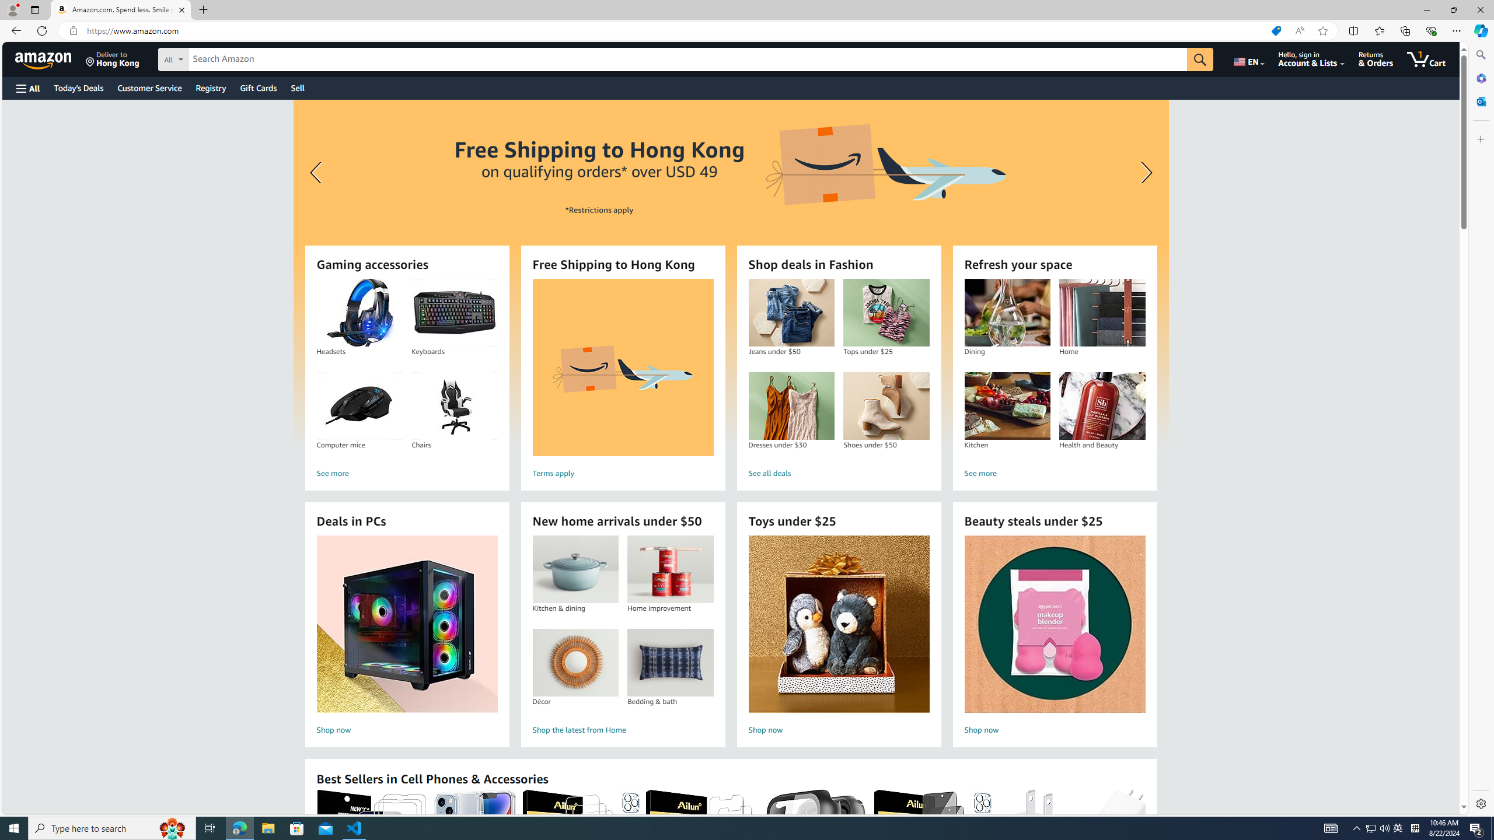 The width and height of the screenshot is (1494, 840). Describe the element at coordinates (575, 569) in the screenshot. I see `'Kitchen & dining'` at that location.